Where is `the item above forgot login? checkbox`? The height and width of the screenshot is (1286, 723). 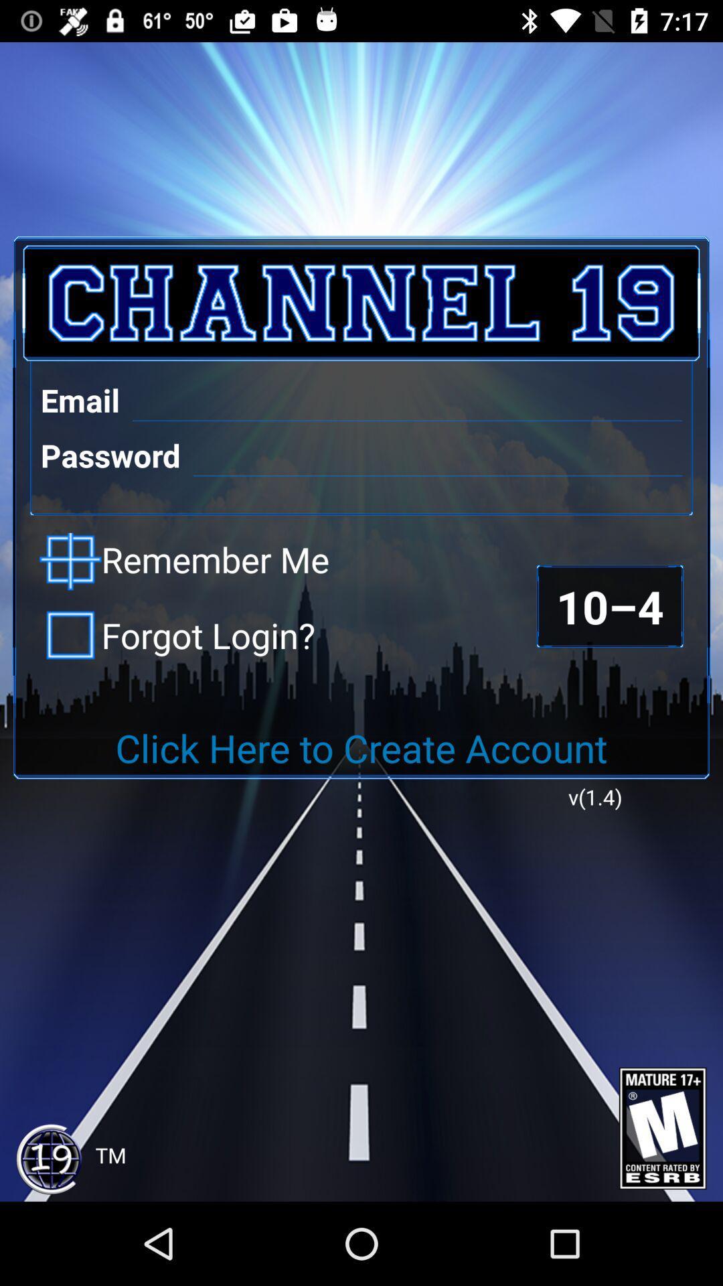 the item above forgot login? checkbox is located at coordinates (184, 561).